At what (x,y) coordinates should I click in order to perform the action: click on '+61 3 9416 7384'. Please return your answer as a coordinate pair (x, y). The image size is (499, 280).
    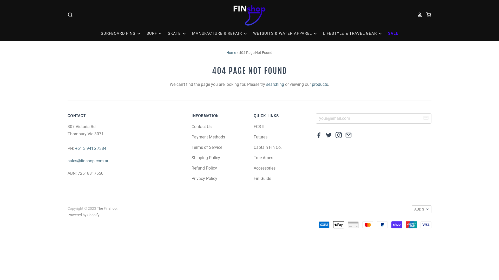
    Looking at the image, I should click on (91, 148).